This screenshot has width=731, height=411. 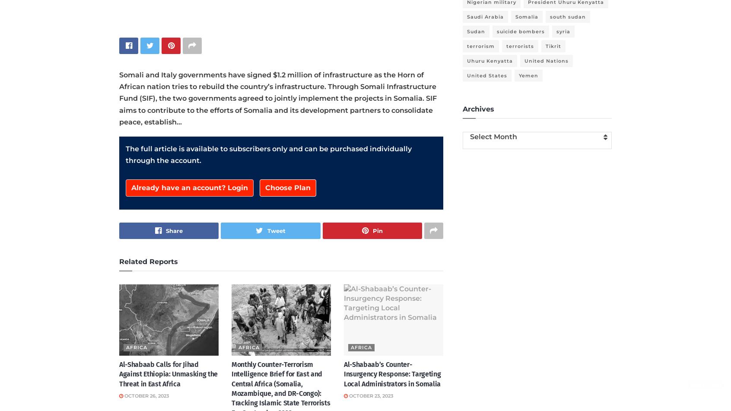 What do you see at coordinates (276, 230) in the screenshot?
I see `'Tweet'` at bounding box center [276, 230].